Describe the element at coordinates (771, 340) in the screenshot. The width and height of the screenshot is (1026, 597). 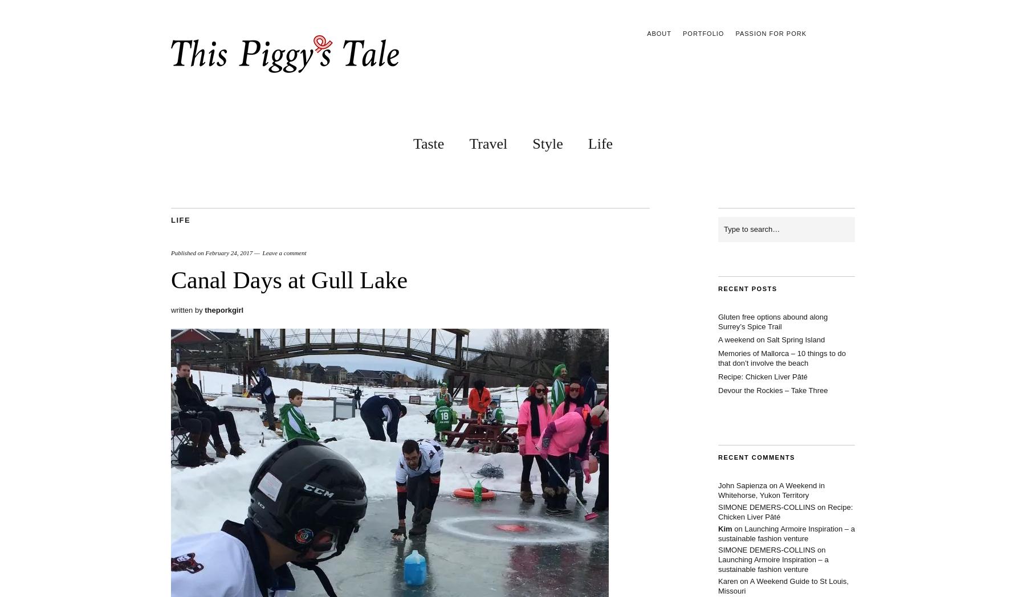
I see `'A weekend on Salt Spring Island'` at that location.